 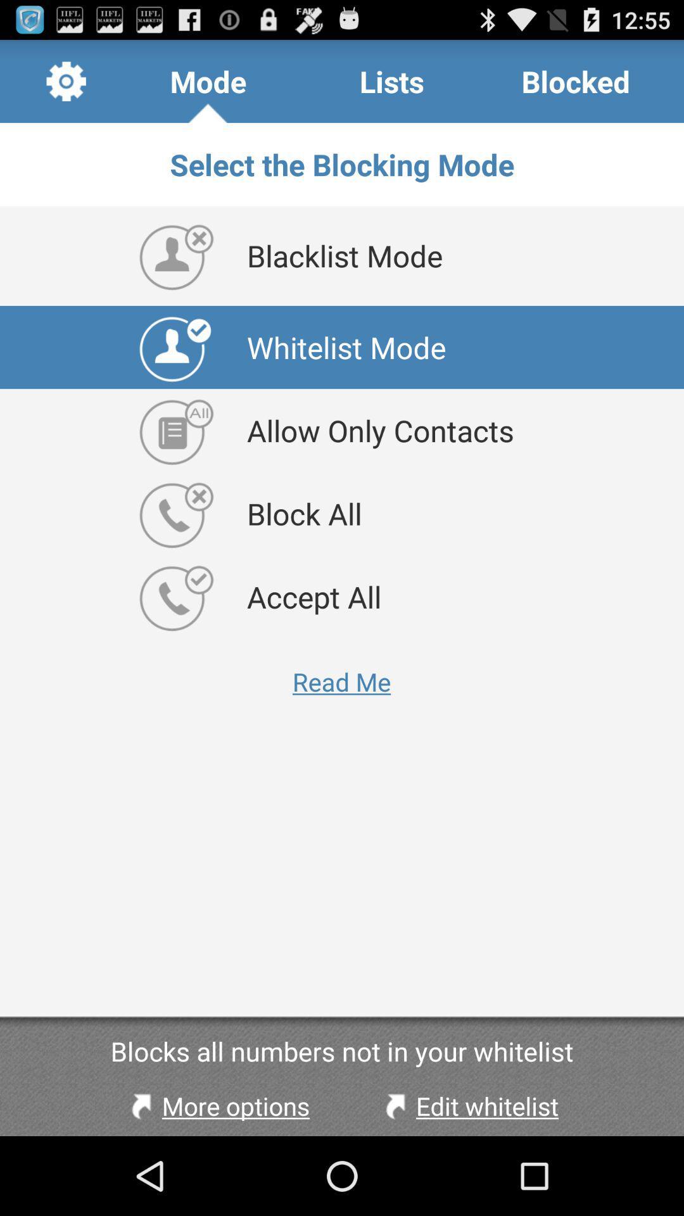 I want to click on the app to the right of mode app, so click(x=391, y=80).